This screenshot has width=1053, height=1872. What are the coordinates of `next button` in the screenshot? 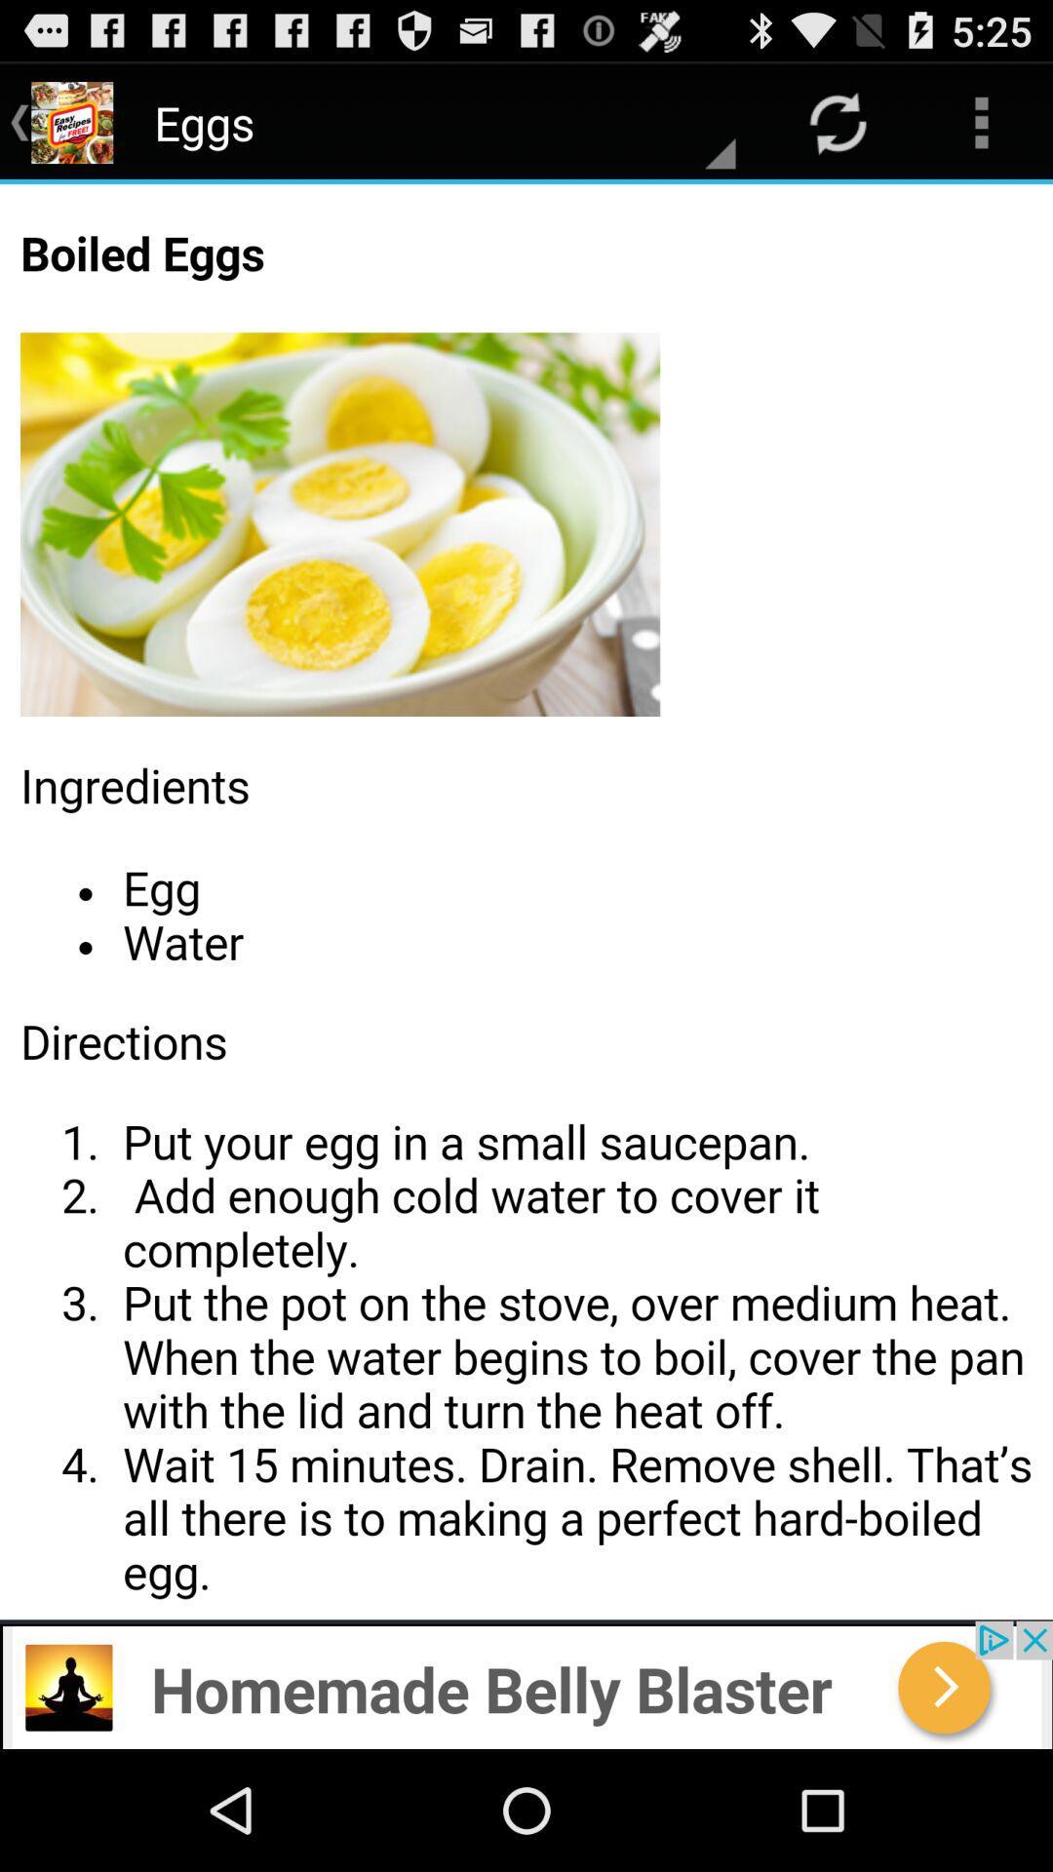 It's located at (526, 1684).